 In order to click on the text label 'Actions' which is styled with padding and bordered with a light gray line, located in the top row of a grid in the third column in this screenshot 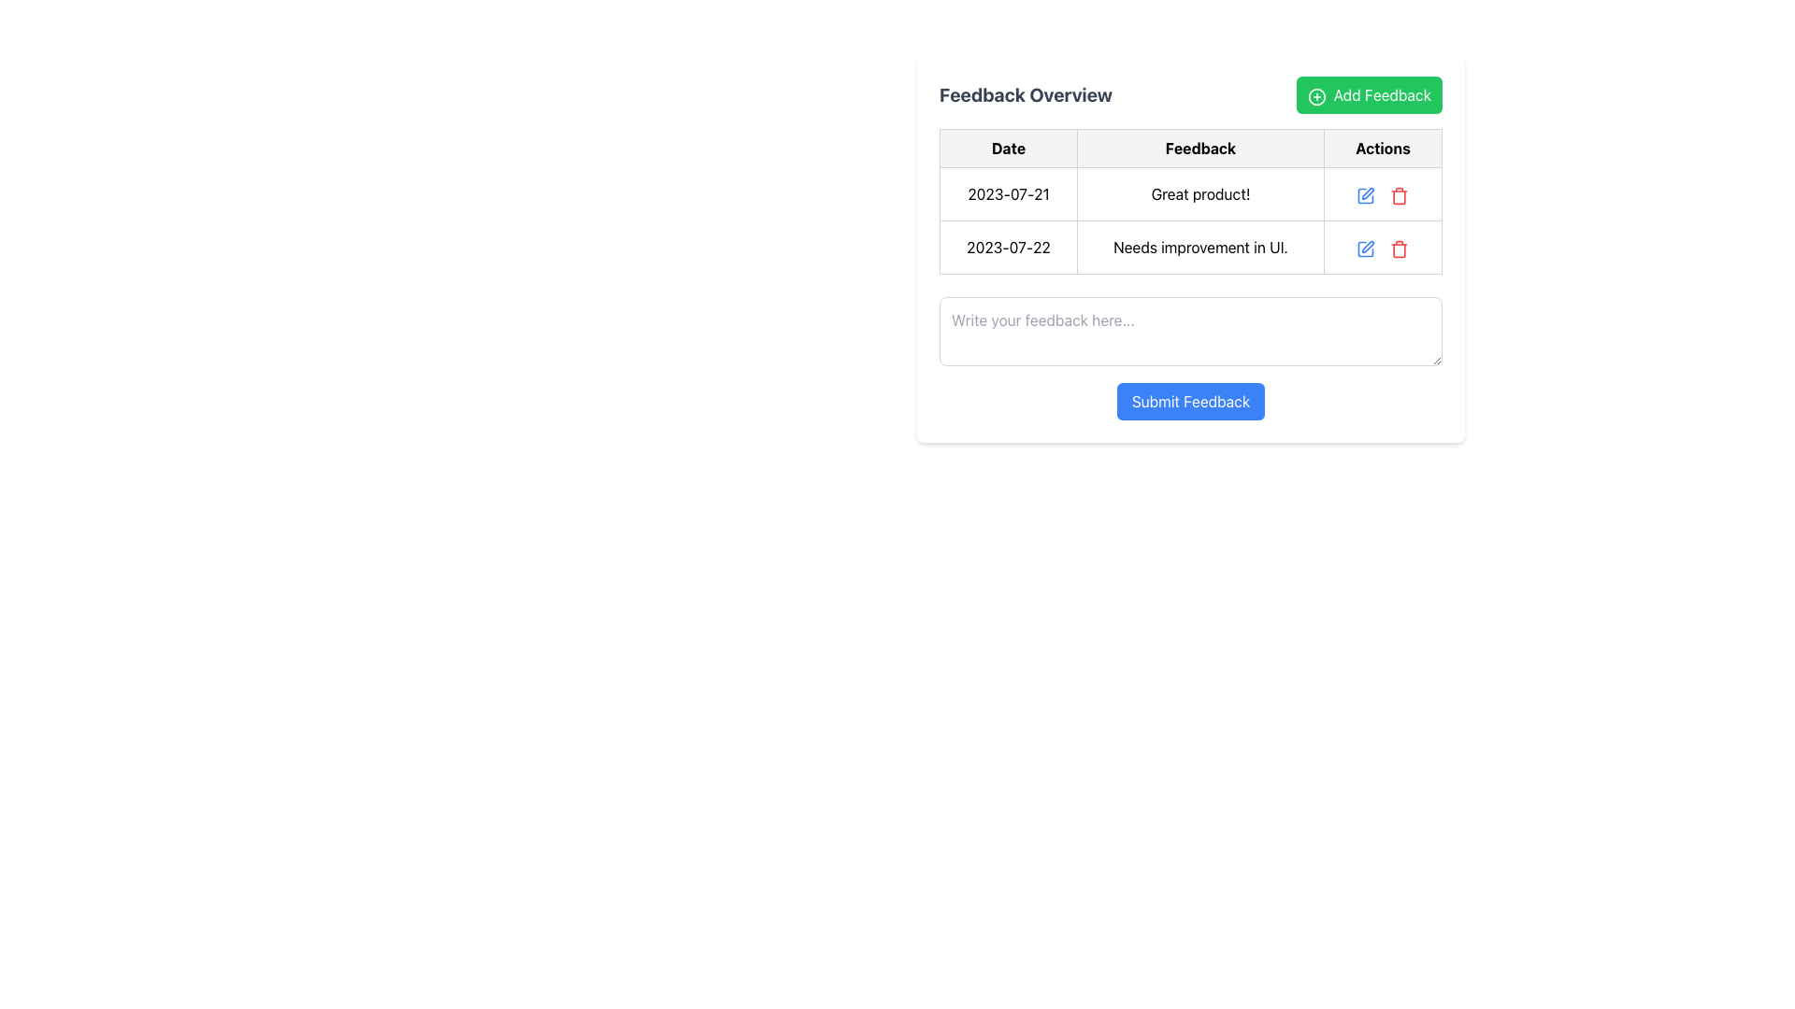, I will do `click(1383, 147)`.